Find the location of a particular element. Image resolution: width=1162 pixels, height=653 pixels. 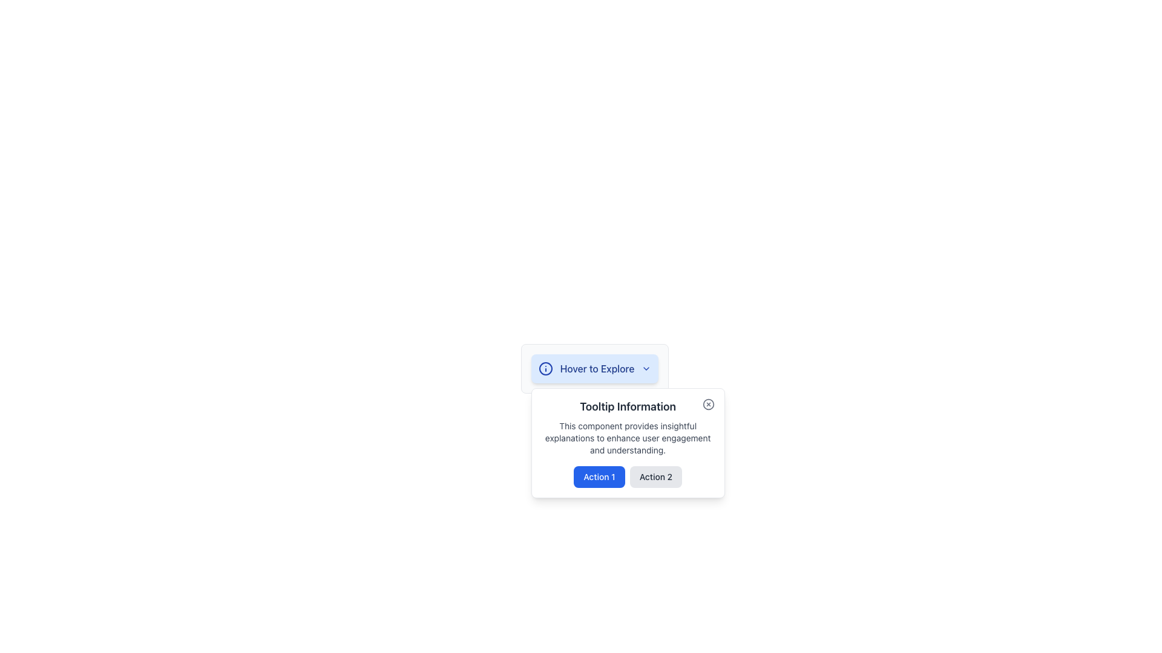

the Text Header element labeled 'Tooltip Information' which is styled in bold and larger font, located at the top of the tooltip box is located at coordinates (628, 406).